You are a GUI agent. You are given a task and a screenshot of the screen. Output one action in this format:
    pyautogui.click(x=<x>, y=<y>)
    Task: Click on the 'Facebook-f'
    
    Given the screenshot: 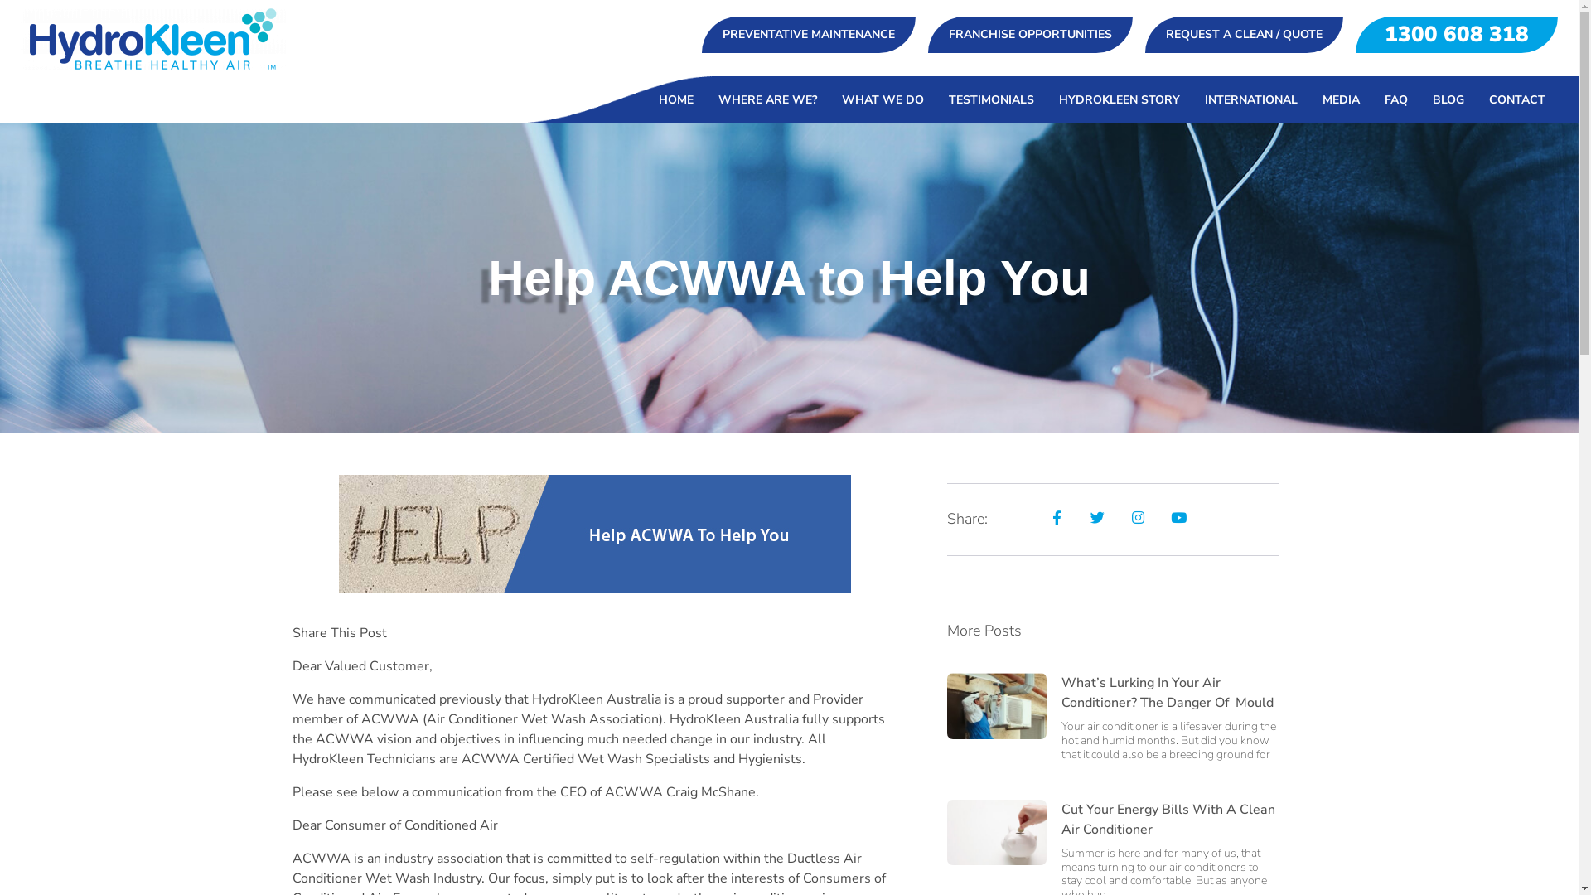 What is the action you would take?
    pyautogui.click(x=1040, y=516)
    